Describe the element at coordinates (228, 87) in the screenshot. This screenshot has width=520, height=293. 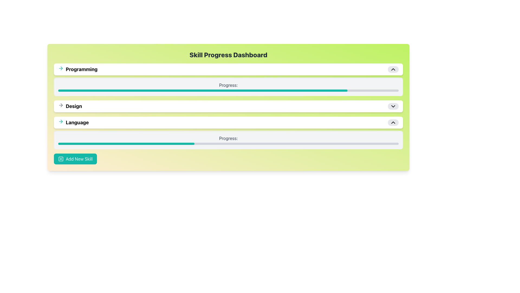
I see `the Progress Bar element located below the 'Programming' section, which features a light gray background, rounded corners, and the text 'Progress:' in a darker gray font, along with a slim teal-filled progress bar` at that location.